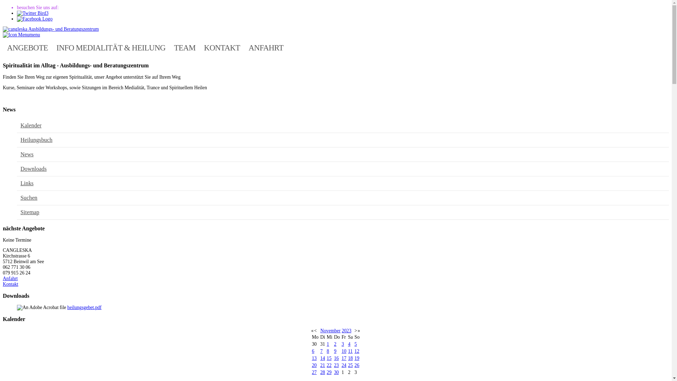 This screenshot has width=677, height=381. What do you see at coordinates (329, 372) in the screenshot?
I see `'29'` at bounding box center [329, 372].